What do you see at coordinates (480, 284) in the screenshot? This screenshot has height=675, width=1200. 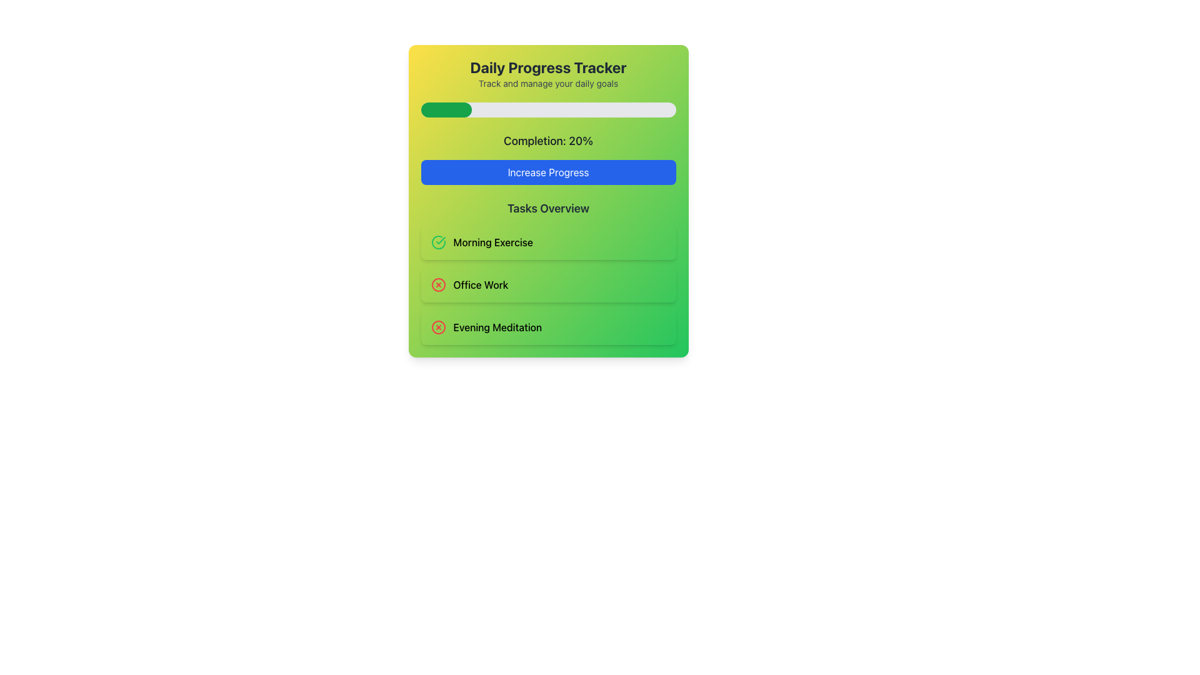 I see `text displayed in the Static Text Label that shows 'Office Work', which is located in the second task entry row of the 'Tasks Overview' section and is positioned next to a red circular icon` at bounding box center [480, 284].